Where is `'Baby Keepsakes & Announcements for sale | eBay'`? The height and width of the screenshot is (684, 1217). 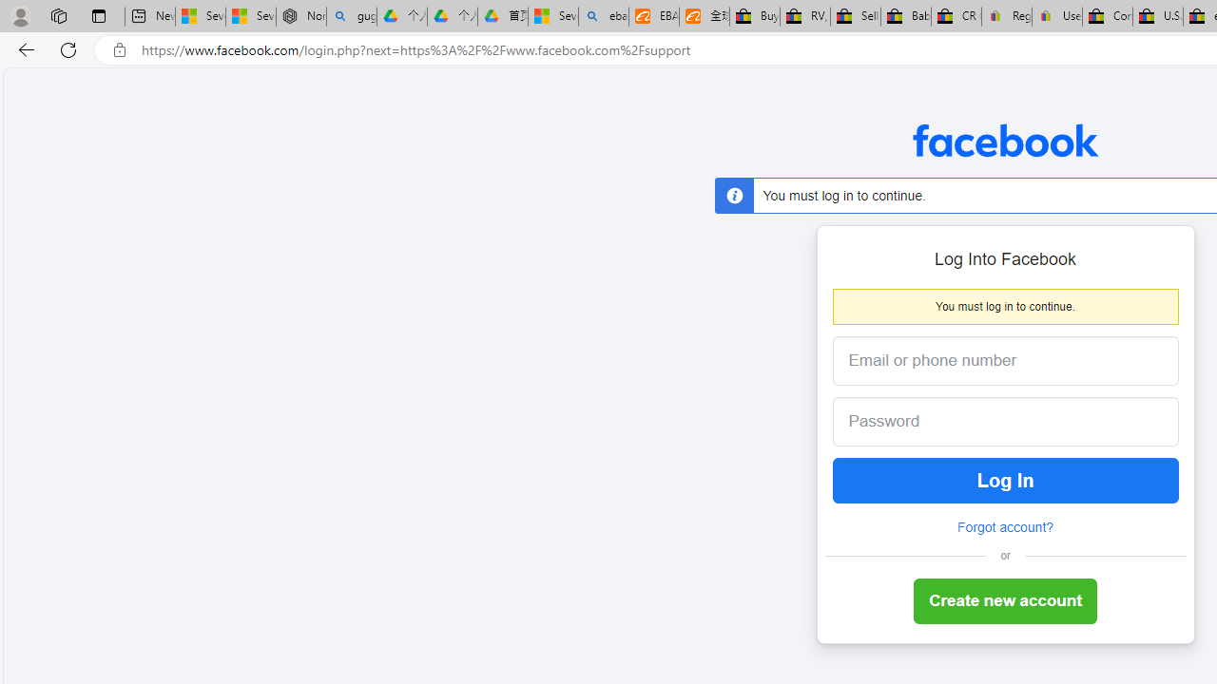
'Baby Keepsakes & Announcements for sale | eBay' is located at coordinates (904, 16).